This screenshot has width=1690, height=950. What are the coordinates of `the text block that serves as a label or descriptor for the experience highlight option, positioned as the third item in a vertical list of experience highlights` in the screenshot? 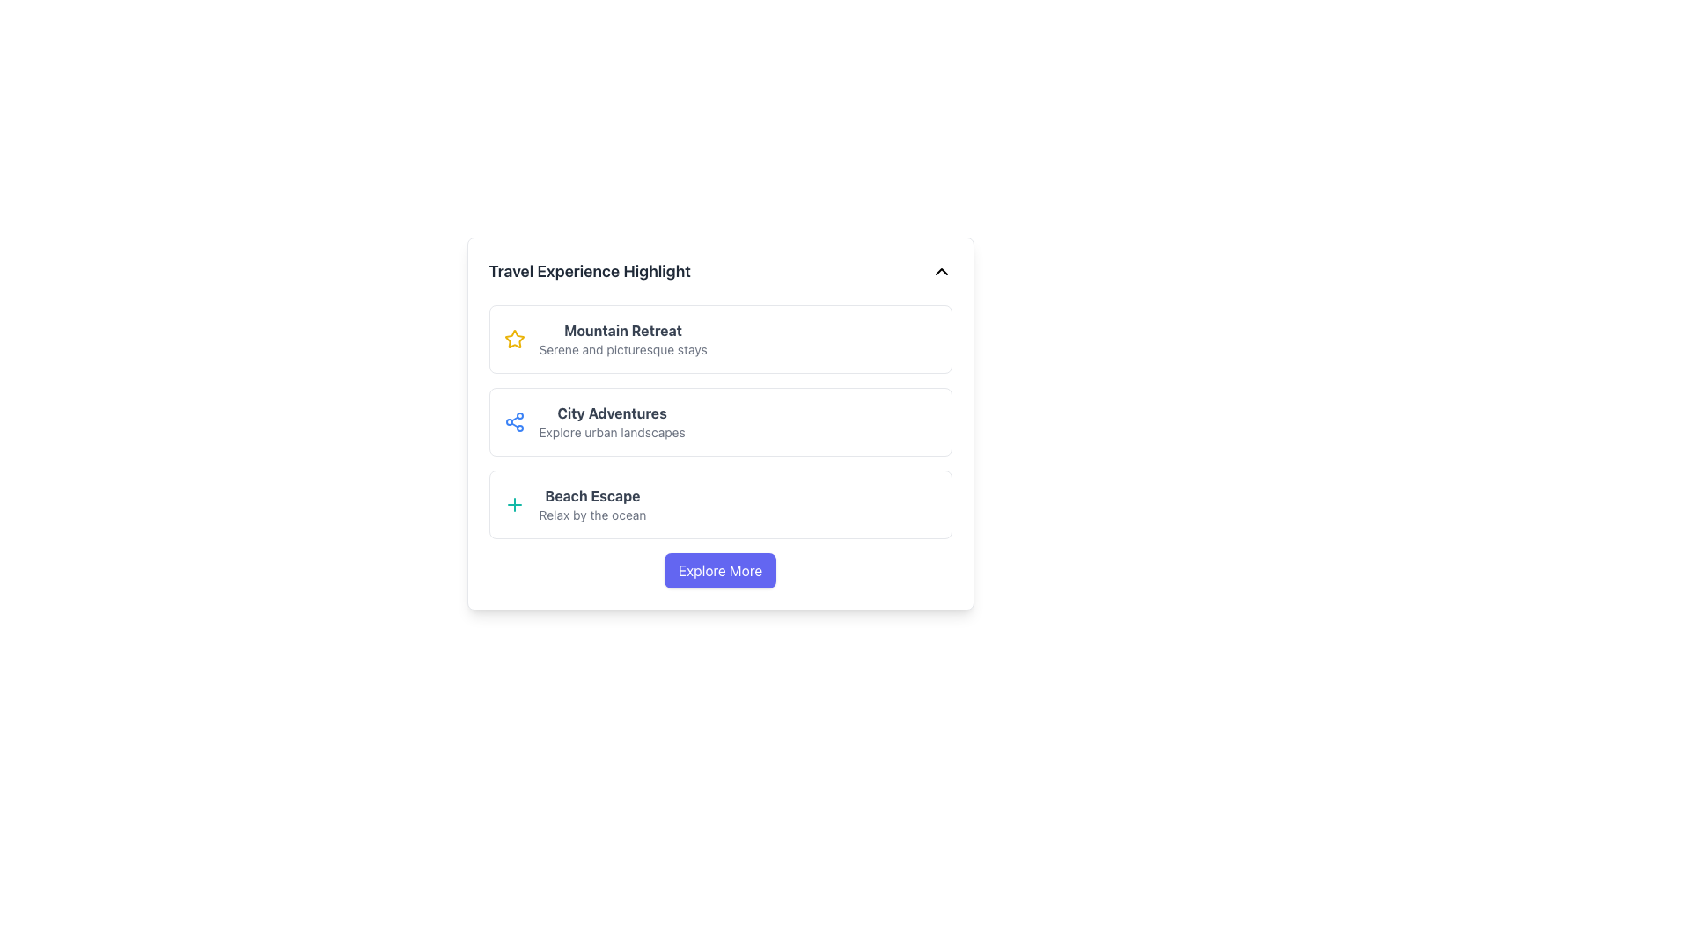 It's located at (592, 505).